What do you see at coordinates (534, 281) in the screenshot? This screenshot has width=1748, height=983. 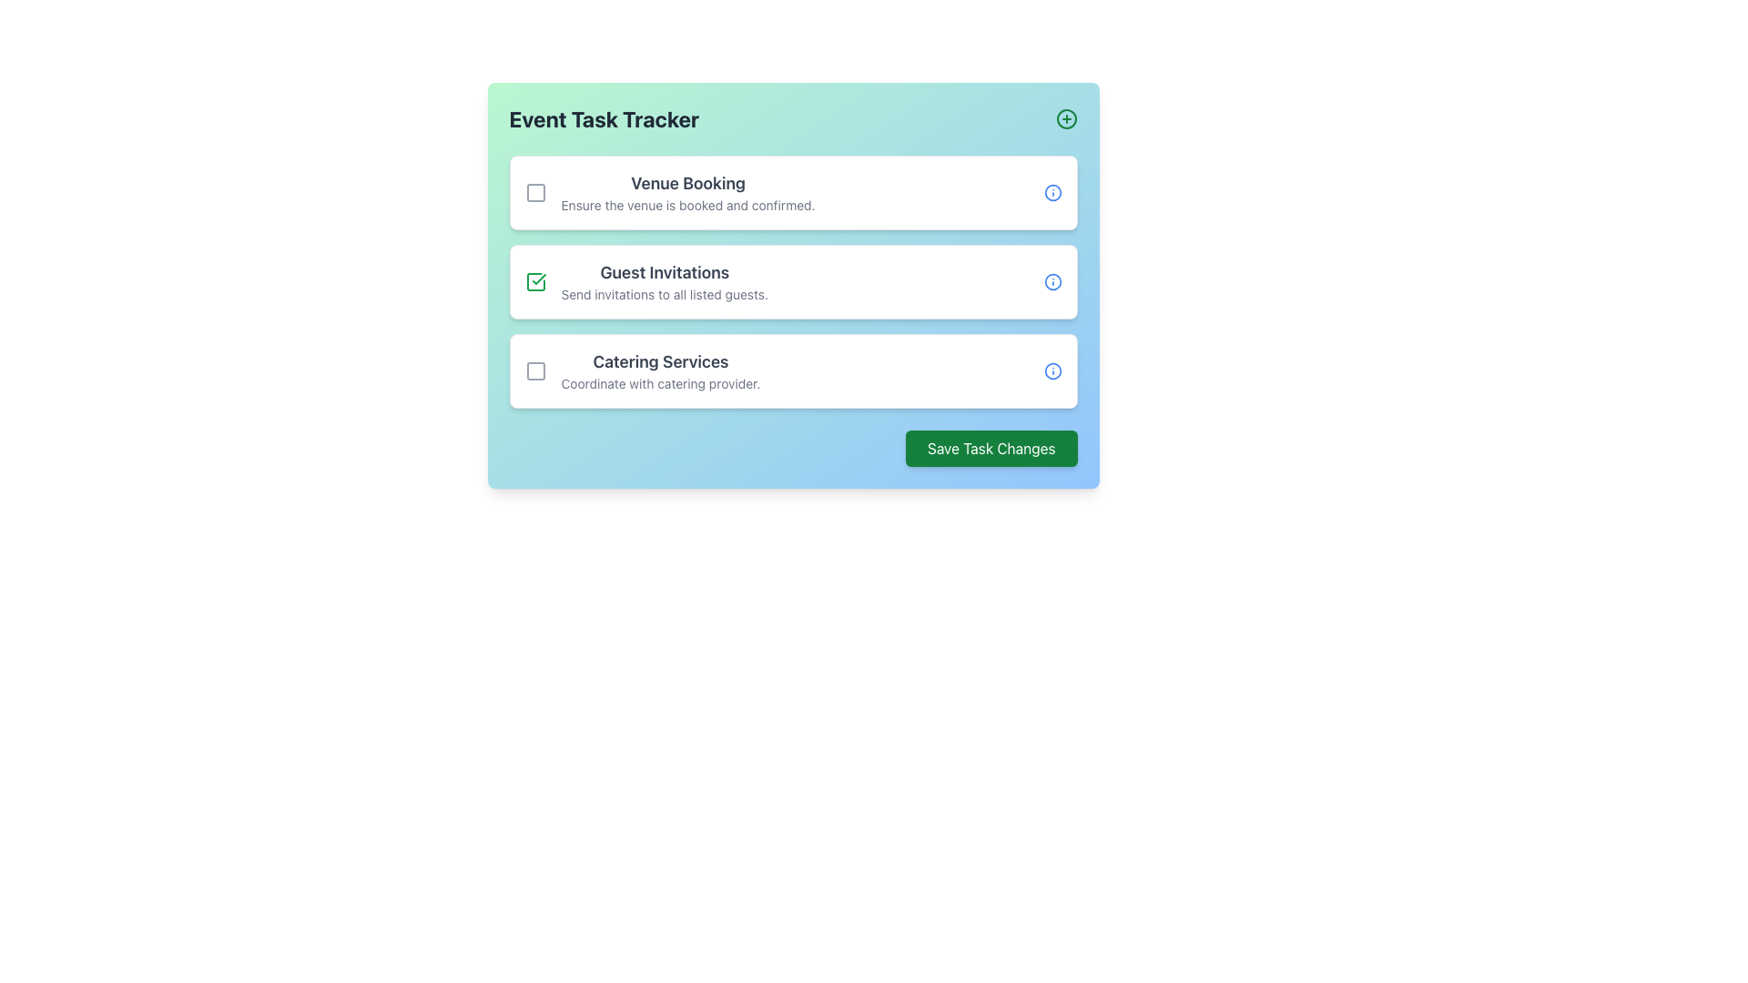 I see `the checkbox` at bounding box center [534, 281].